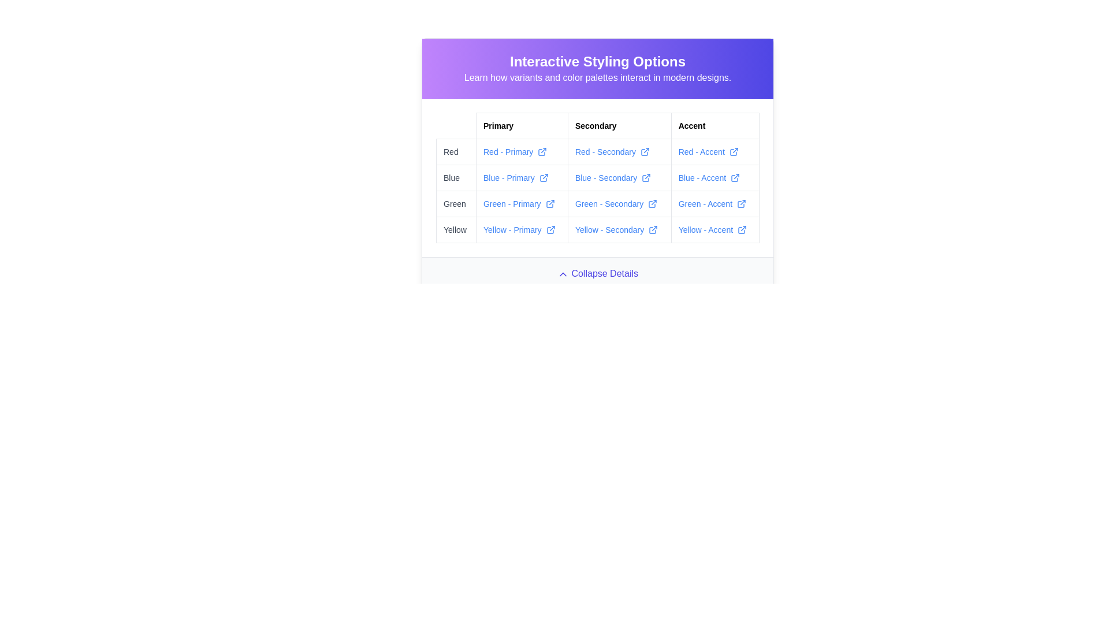 The height and width of the screenshot is (624, 1109). What do you see at coordinates (521, 151) in the screenshot?
I see `the 'Primary' hyperlink with icon in the 'Interactive Styling Options' table` at bounding box center [521, 151].